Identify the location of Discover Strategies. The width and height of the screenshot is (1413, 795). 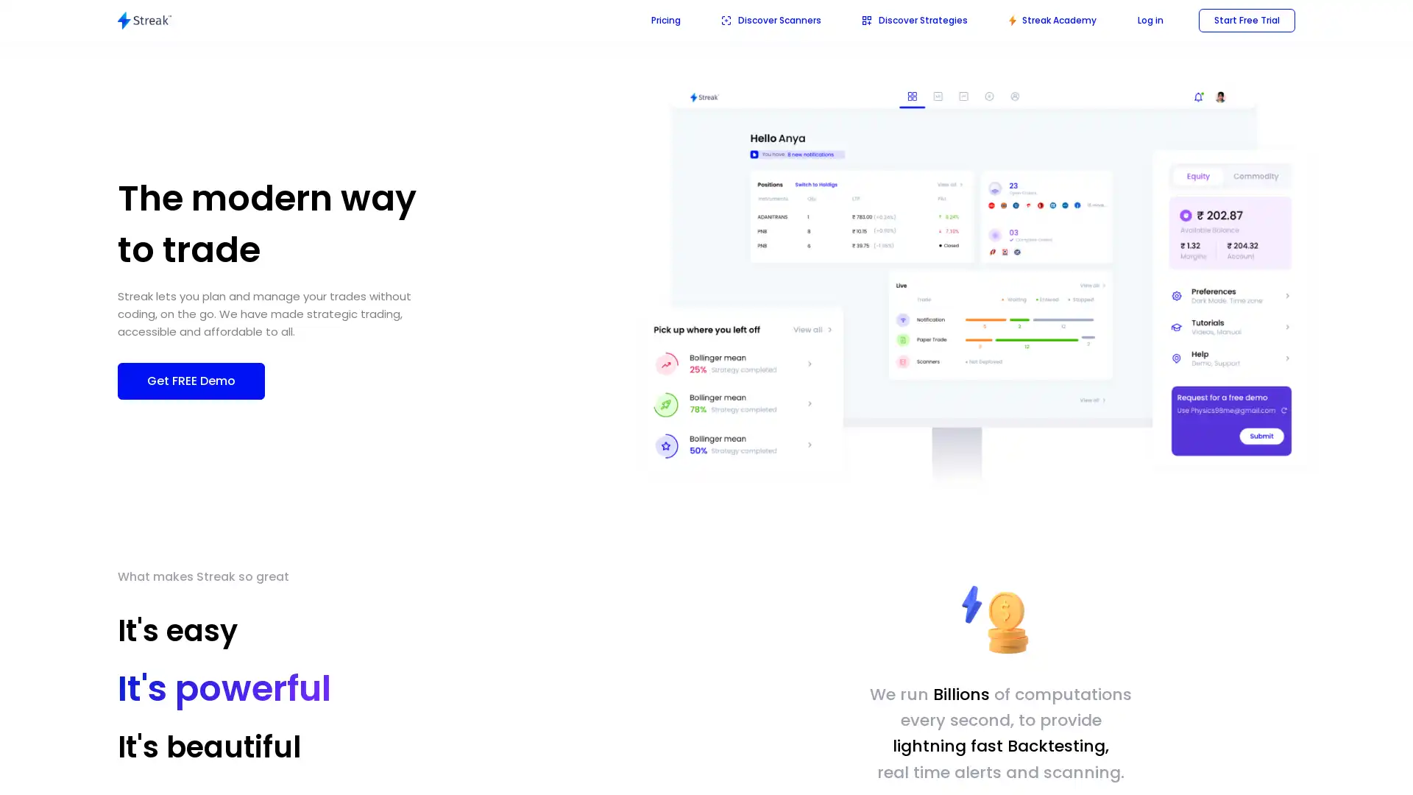
(914, 20).